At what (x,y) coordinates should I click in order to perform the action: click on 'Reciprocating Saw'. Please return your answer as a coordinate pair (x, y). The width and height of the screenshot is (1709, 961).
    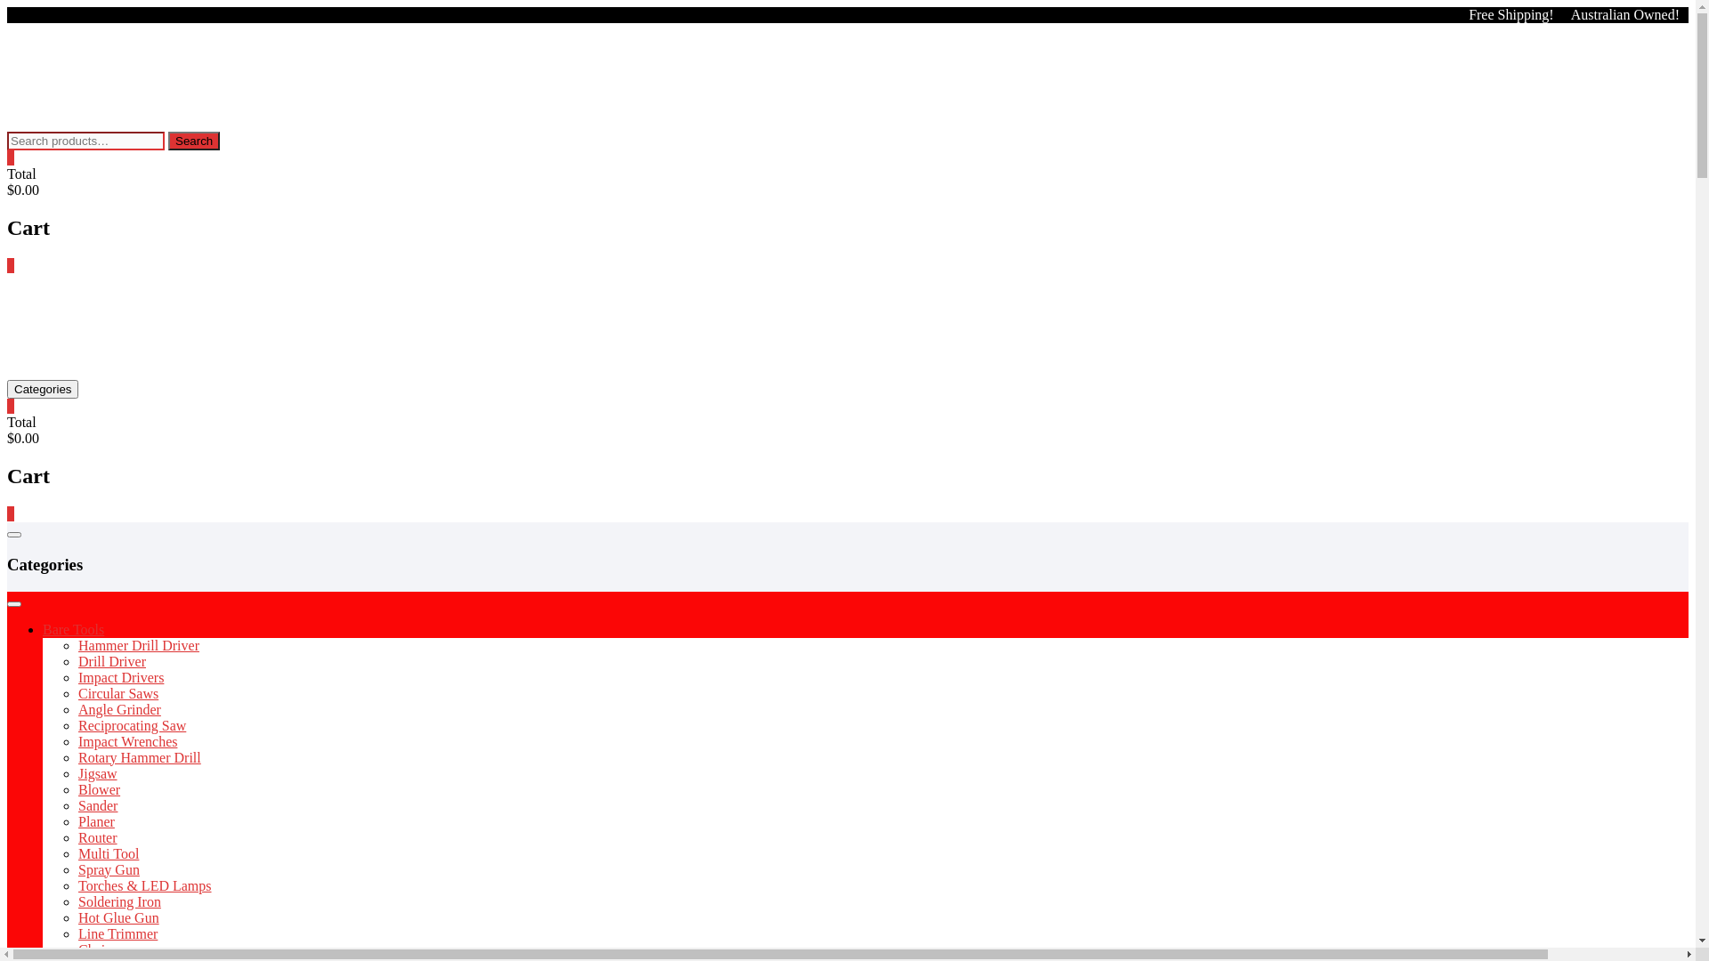
    Looking at the image, I should click on (131, 725).